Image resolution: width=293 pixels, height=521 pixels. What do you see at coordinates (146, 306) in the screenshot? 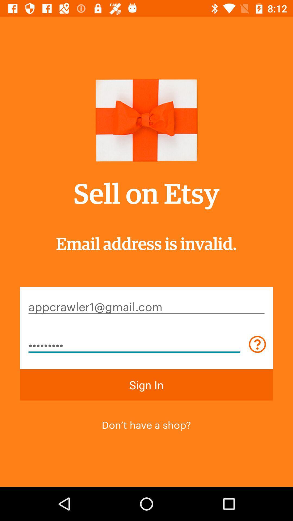
I see `the icon above the crowd3116 item` at bounding box center [146, 306].